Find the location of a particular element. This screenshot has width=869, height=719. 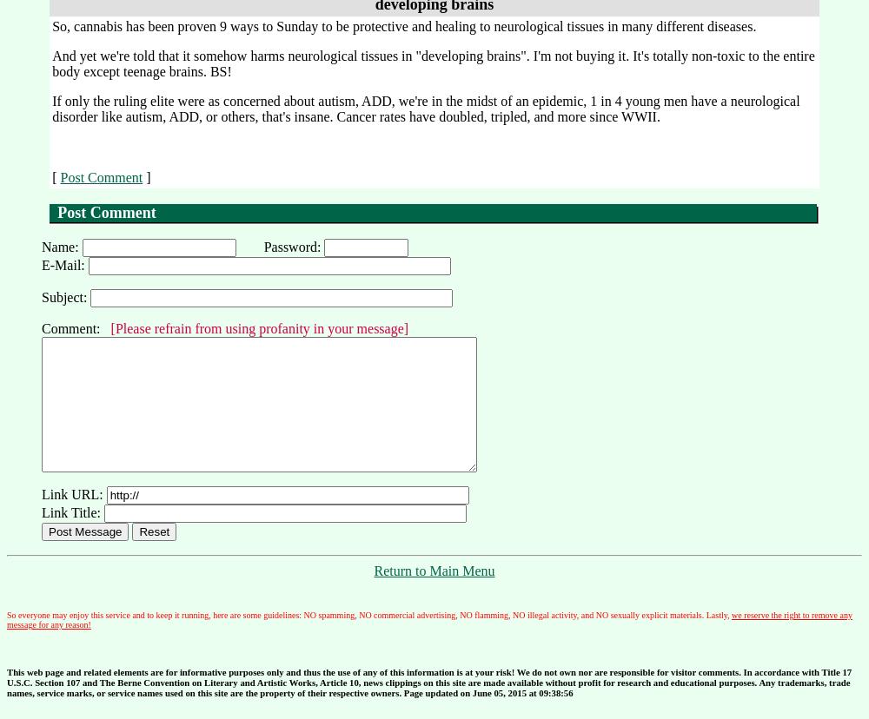

'E-Mail:' is located at coordinates (42, 265).